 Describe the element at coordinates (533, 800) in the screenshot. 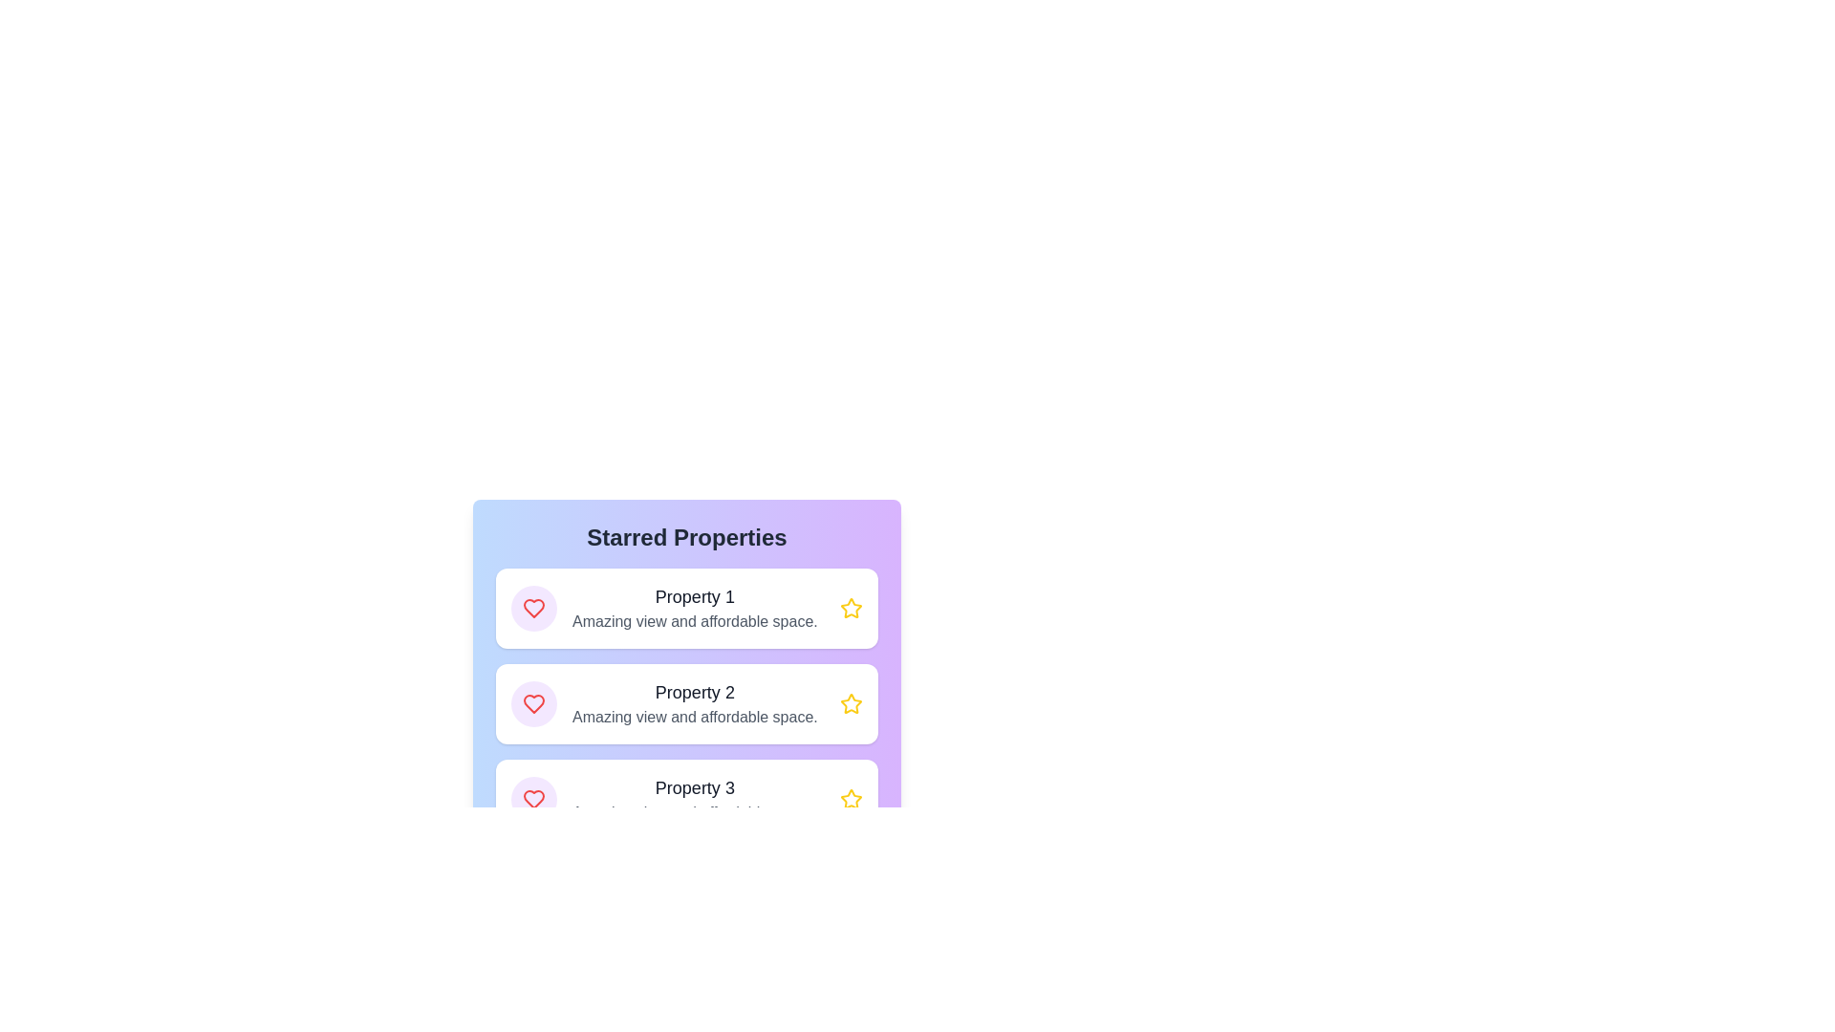

I see `the heart icon in the third row of items to mark the respective property as a favorite` at that location.